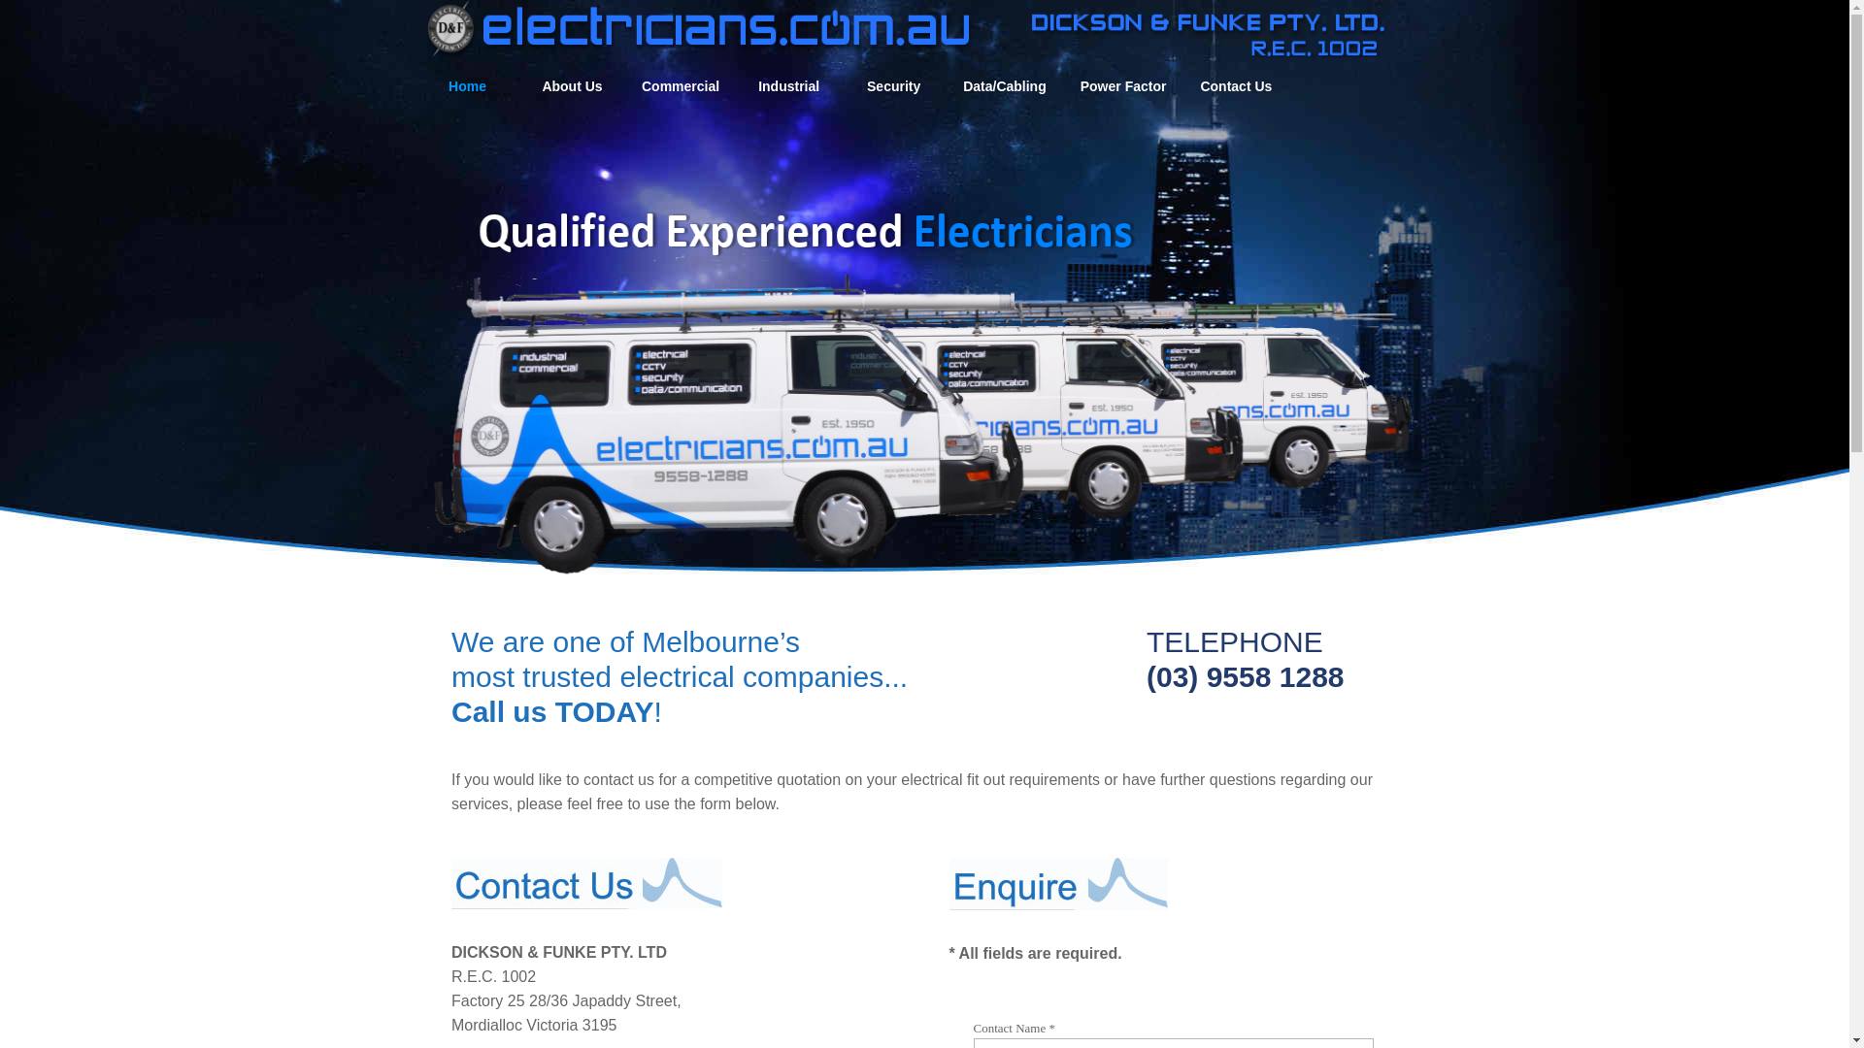  What do you see at coordinates (1005, 85) in the screenshot?
I see `'Data/Cabling'` at bounding box center [1005, 85].